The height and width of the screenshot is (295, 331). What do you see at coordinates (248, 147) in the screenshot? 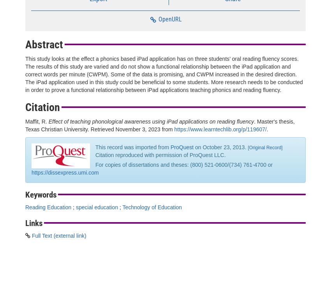
I see `'['` at bounding box center [248, 147].